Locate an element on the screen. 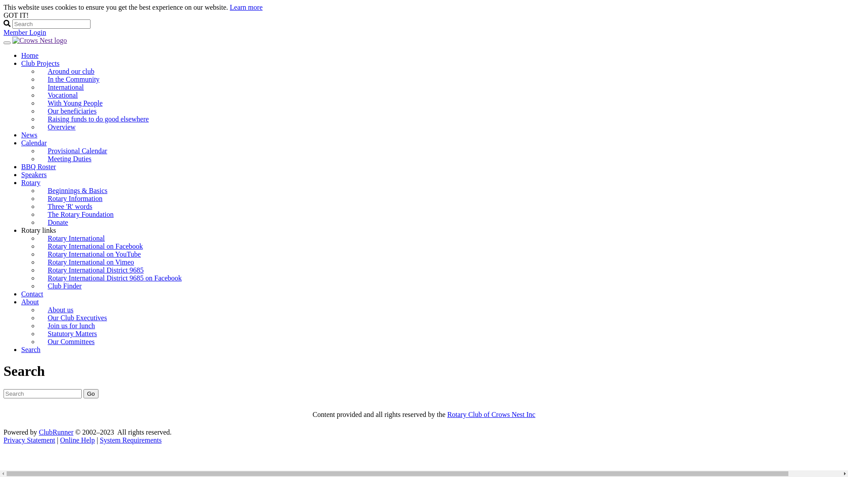 The image size is (848, 477). 'The Rotary Foundation' is located at coordinates (80, 214).